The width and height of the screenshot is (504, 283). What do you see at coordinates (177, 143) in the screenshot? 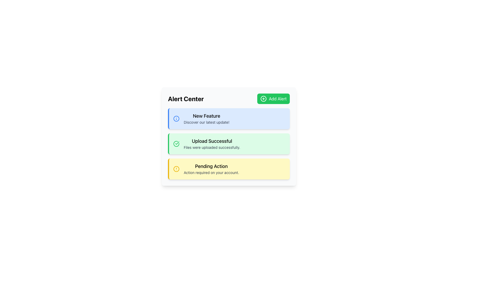
I see `the green checkmark icon located beside the 'Upload Successful' text in the notification list` at bounding box center [177, 143].